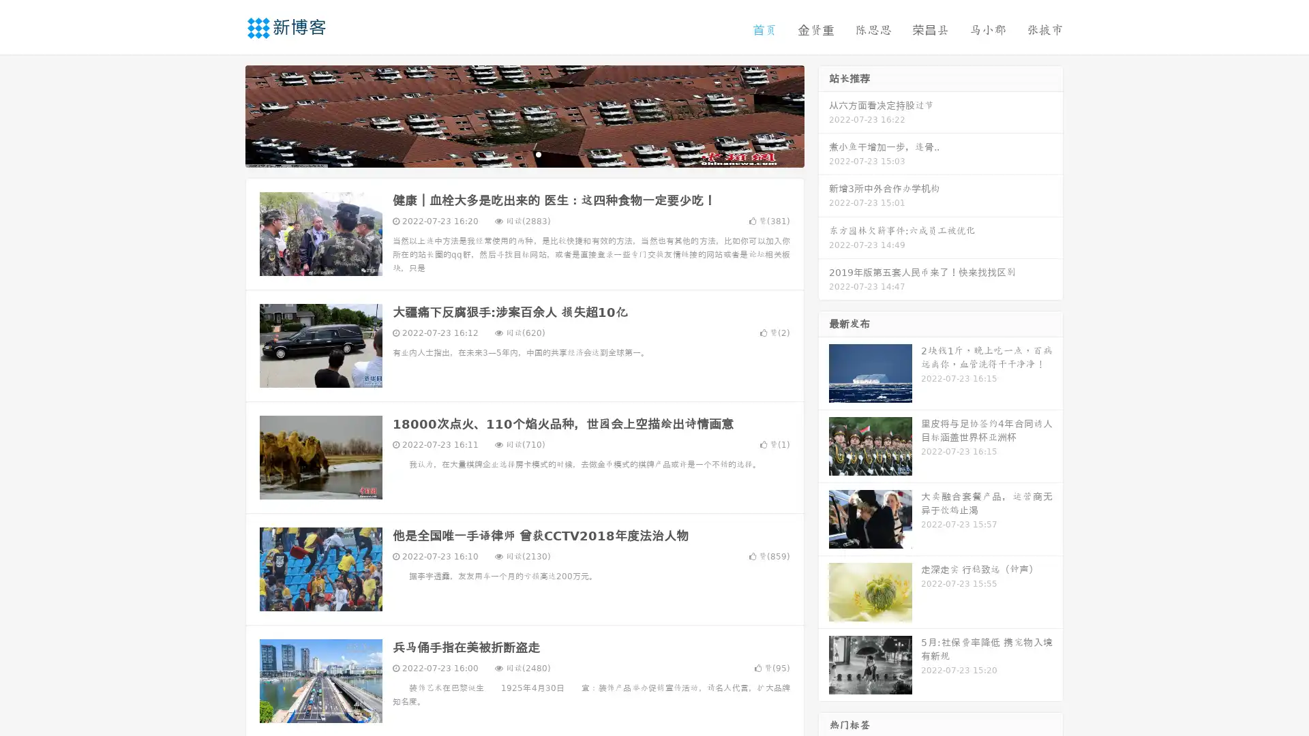 The width and height of the screenshot is (1309, 736). I want to click on Previous slide, so click(225, 114).